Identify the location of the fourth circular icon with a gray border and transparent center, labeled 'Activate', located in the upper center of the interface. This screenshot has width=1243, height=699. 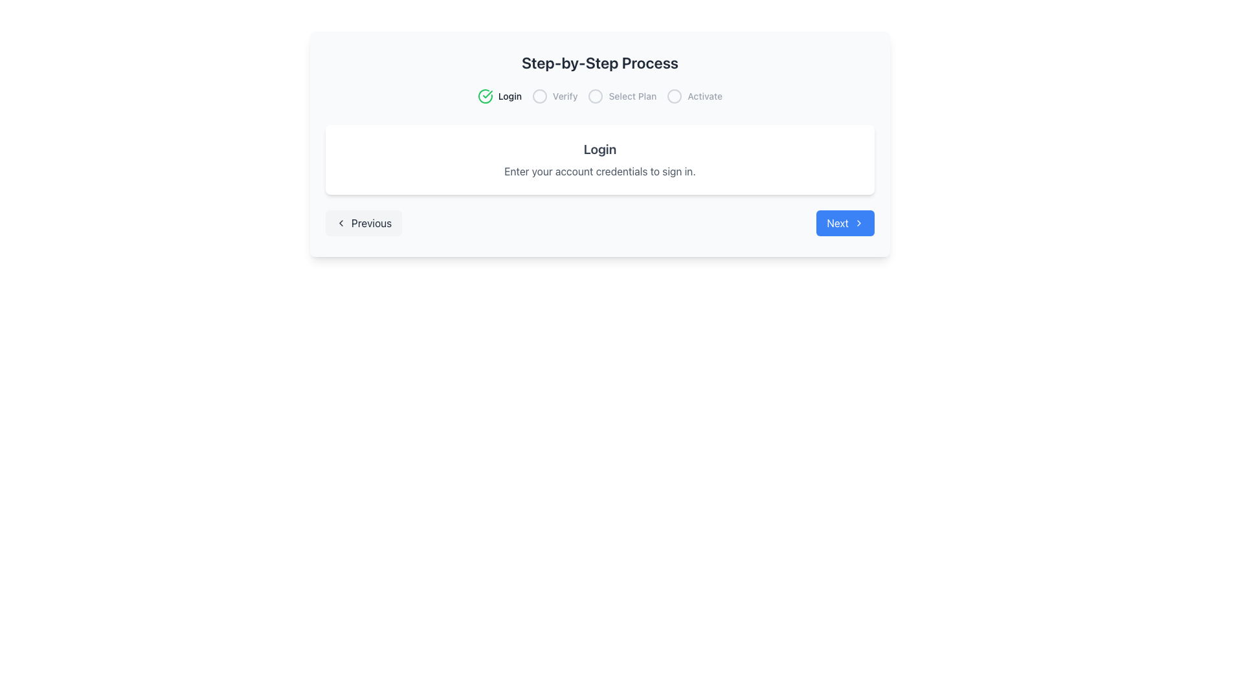
(674, 96).